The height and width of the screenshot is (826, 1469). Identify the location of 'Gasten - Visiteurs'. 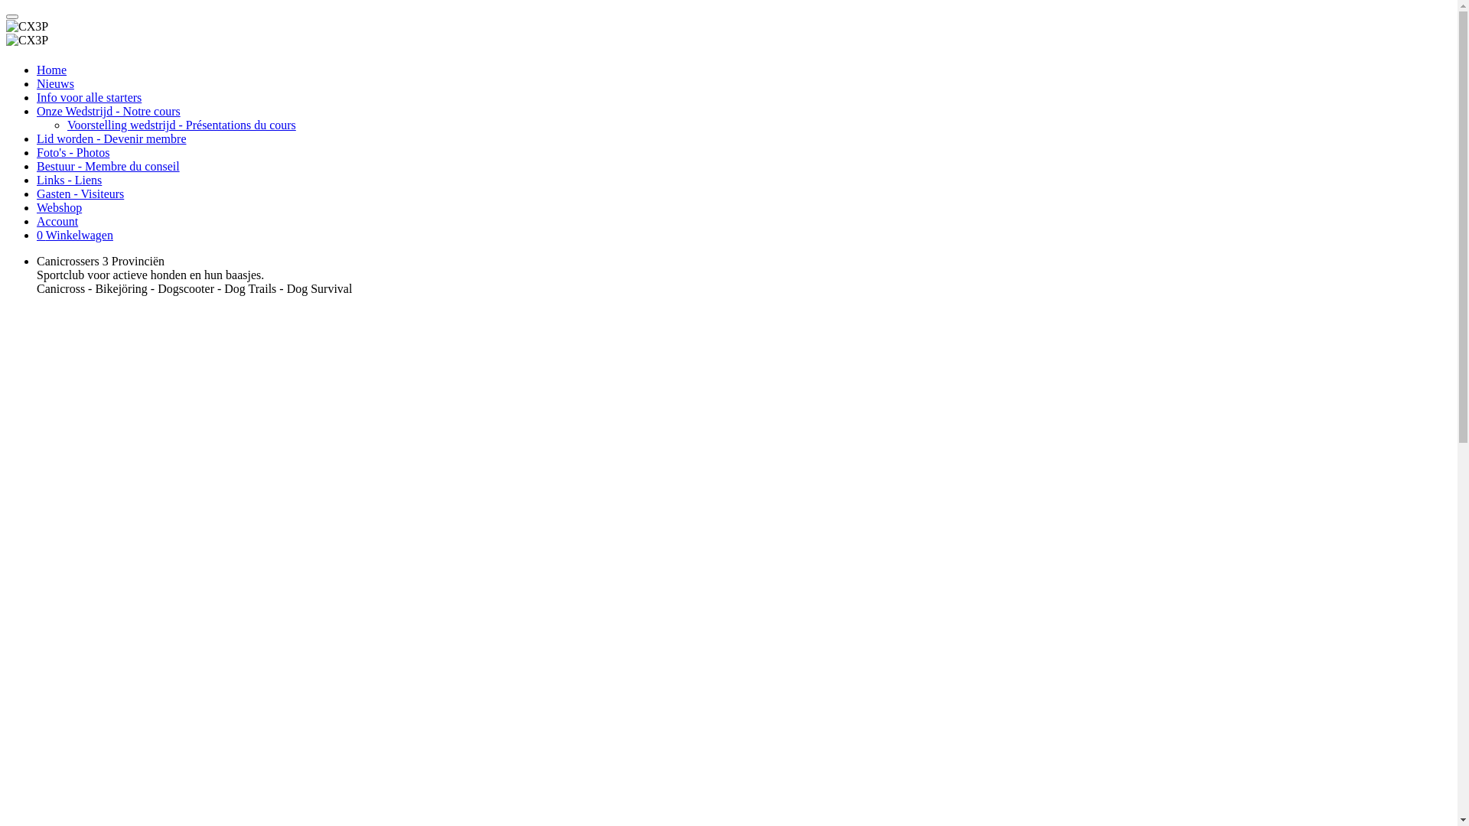
(80, 193).